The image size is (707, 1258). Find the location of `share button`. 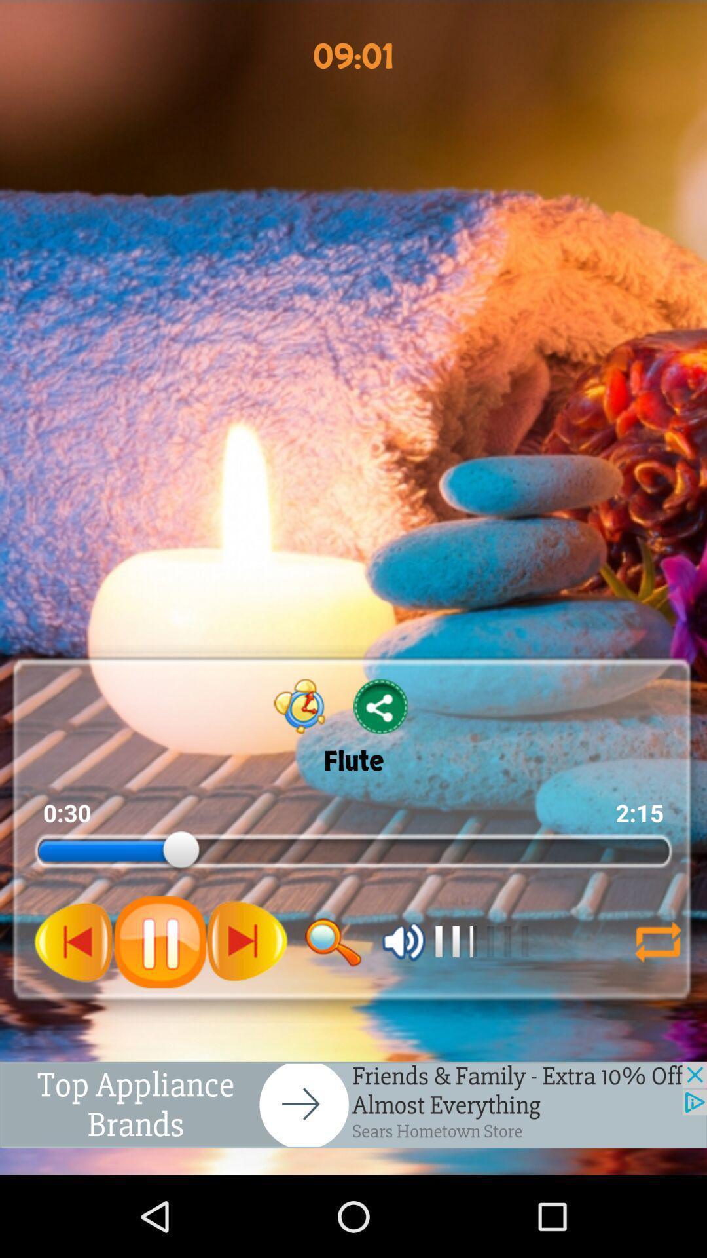

share button is located at coordinates (381, 706).